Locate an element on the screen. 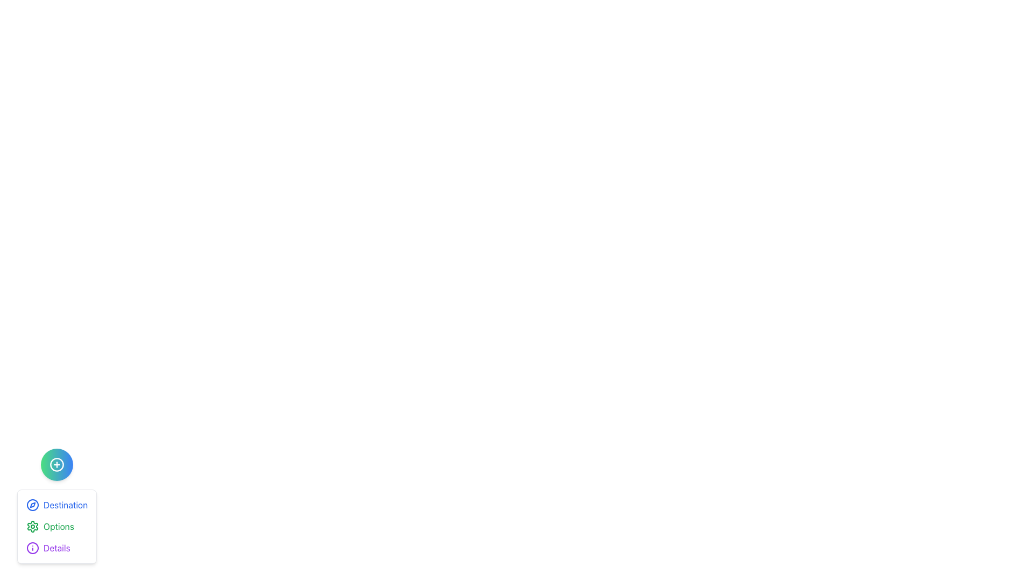 The height and width of the screenshot is (581, 1033). the circular add button located at the bottom left corner of the layout is located at coordinates (56, 464).